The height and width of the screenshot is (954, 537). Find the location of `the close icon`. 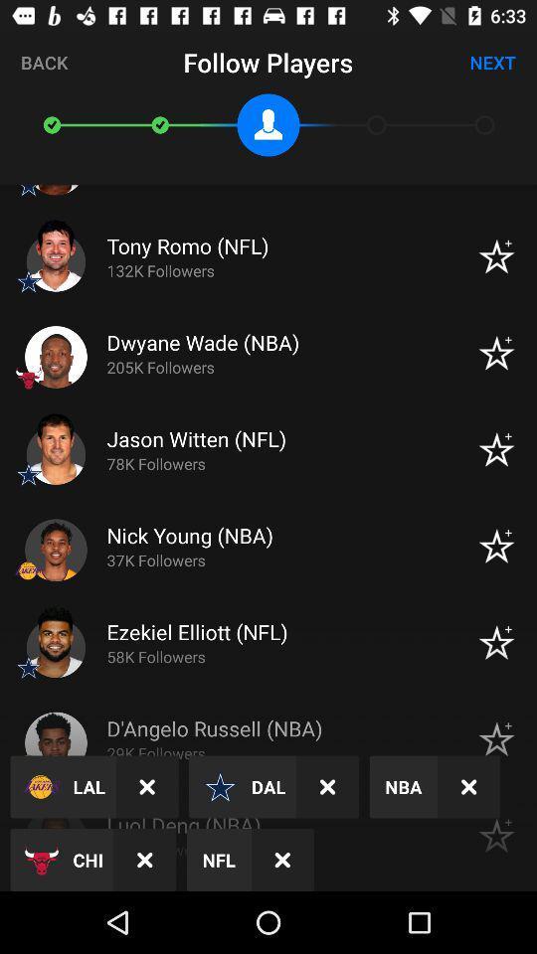

the close icon is located at coordinates (281, 859).